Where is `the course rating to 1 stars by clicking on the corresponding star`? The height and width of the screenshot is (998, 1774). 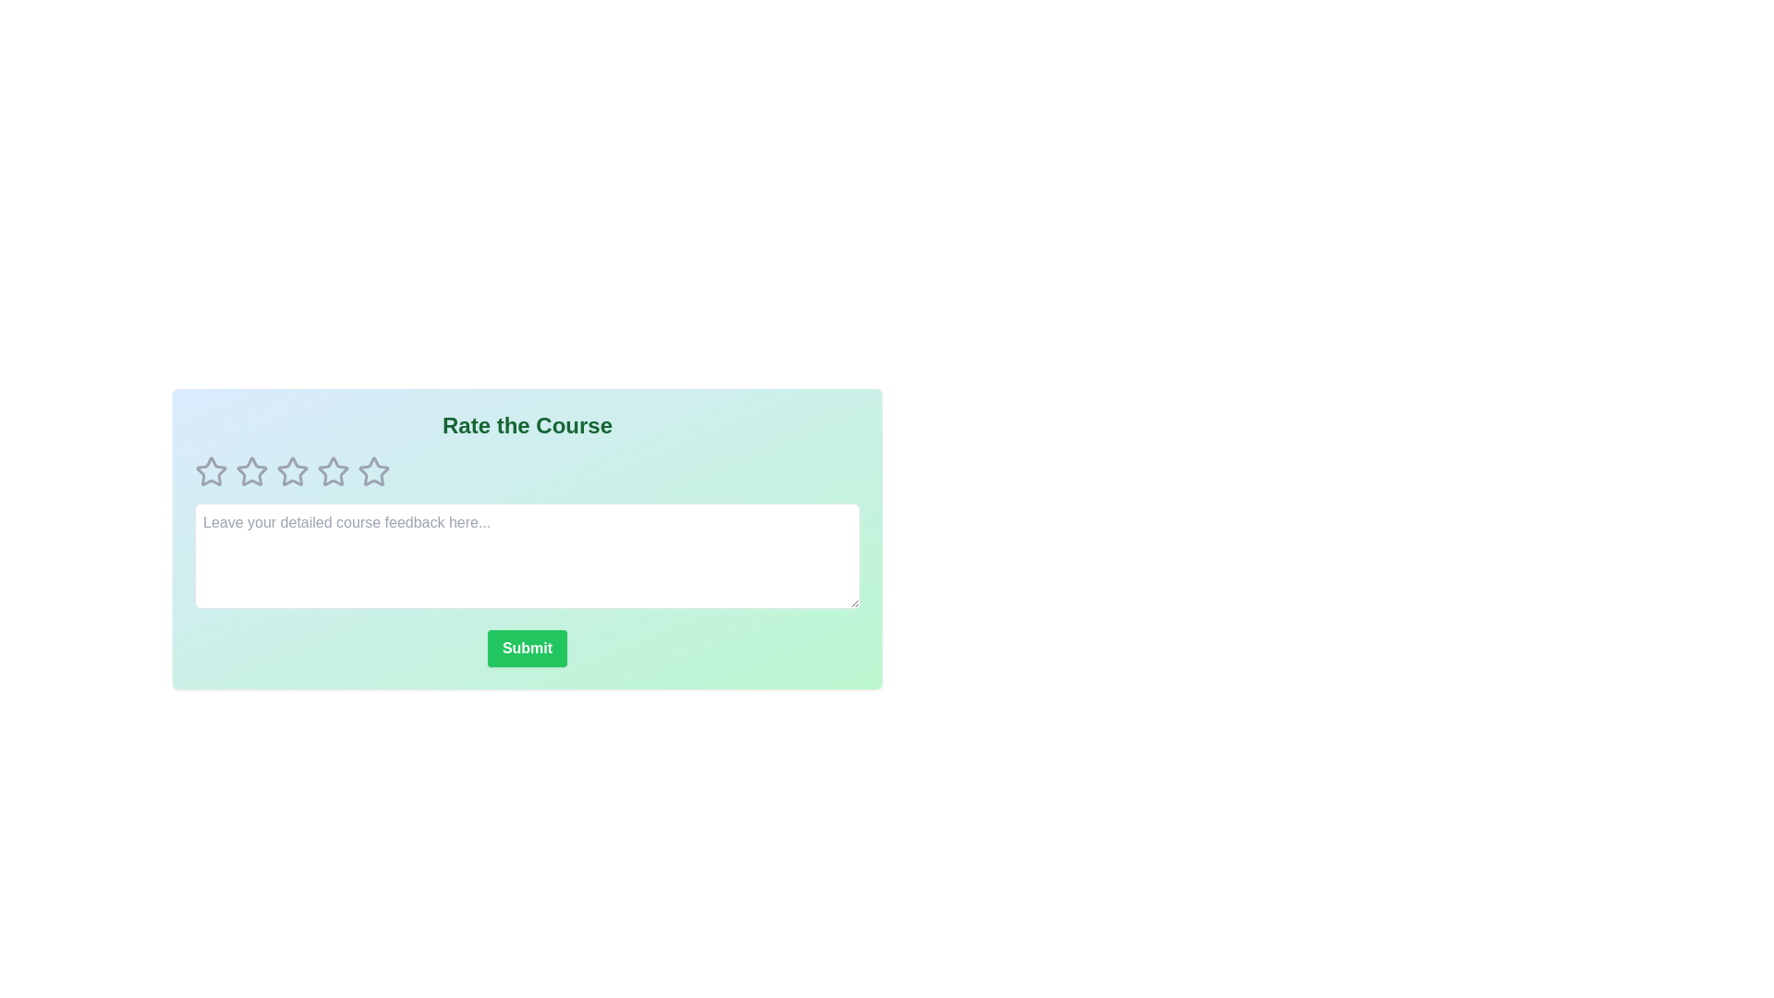 the course rating to 1 stars by clicking on the corresponding star is located at coordinates (212, 470).